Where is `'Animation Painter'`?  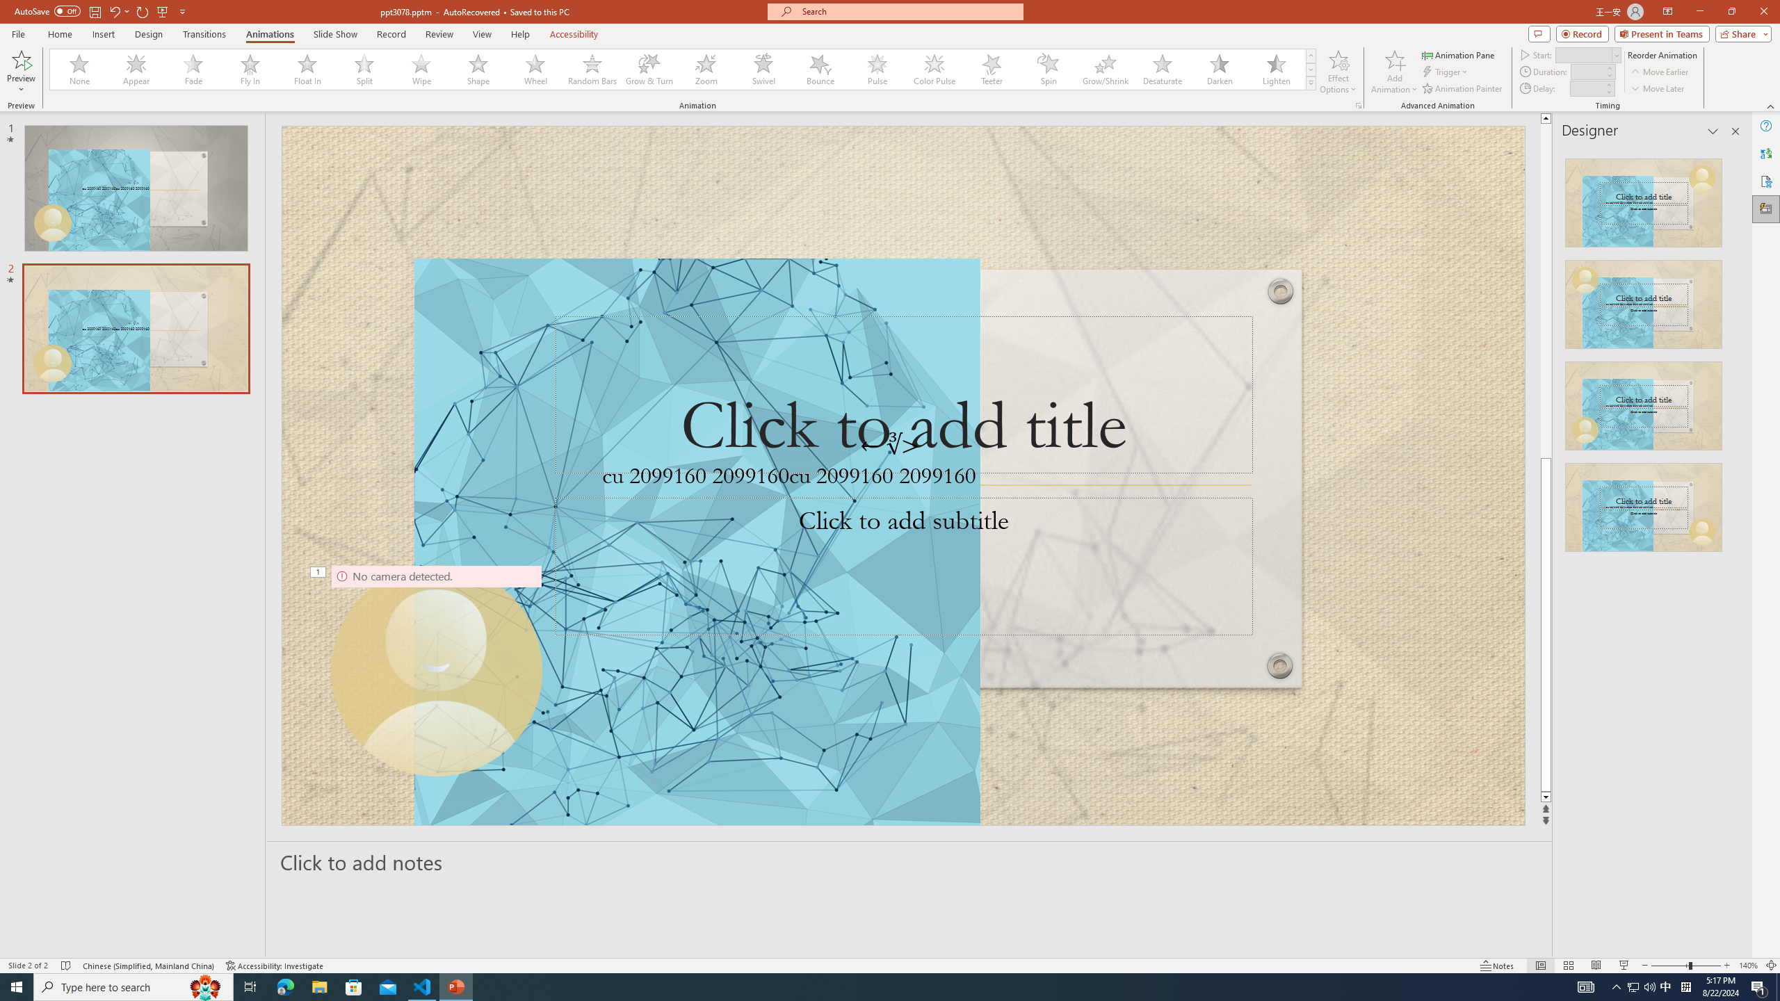 'Animation Painter' is located at coordinates (1462, 88).